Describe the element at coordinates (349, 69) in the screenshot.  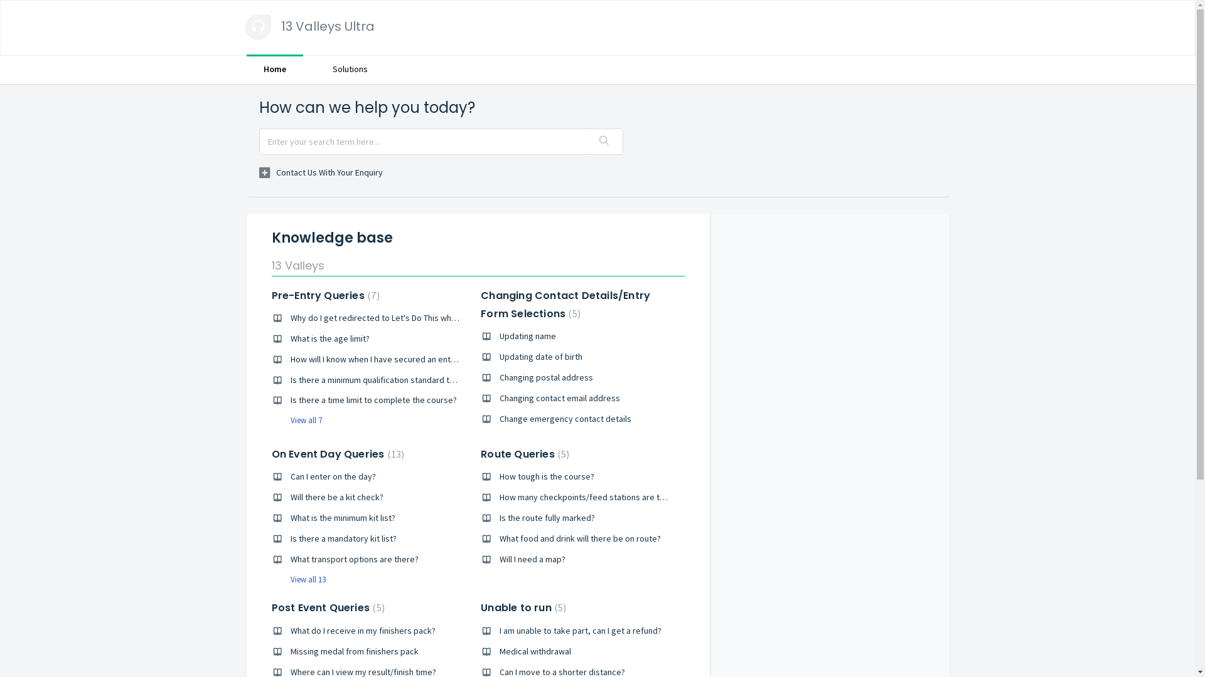
I see `'Solutions'` at that location.